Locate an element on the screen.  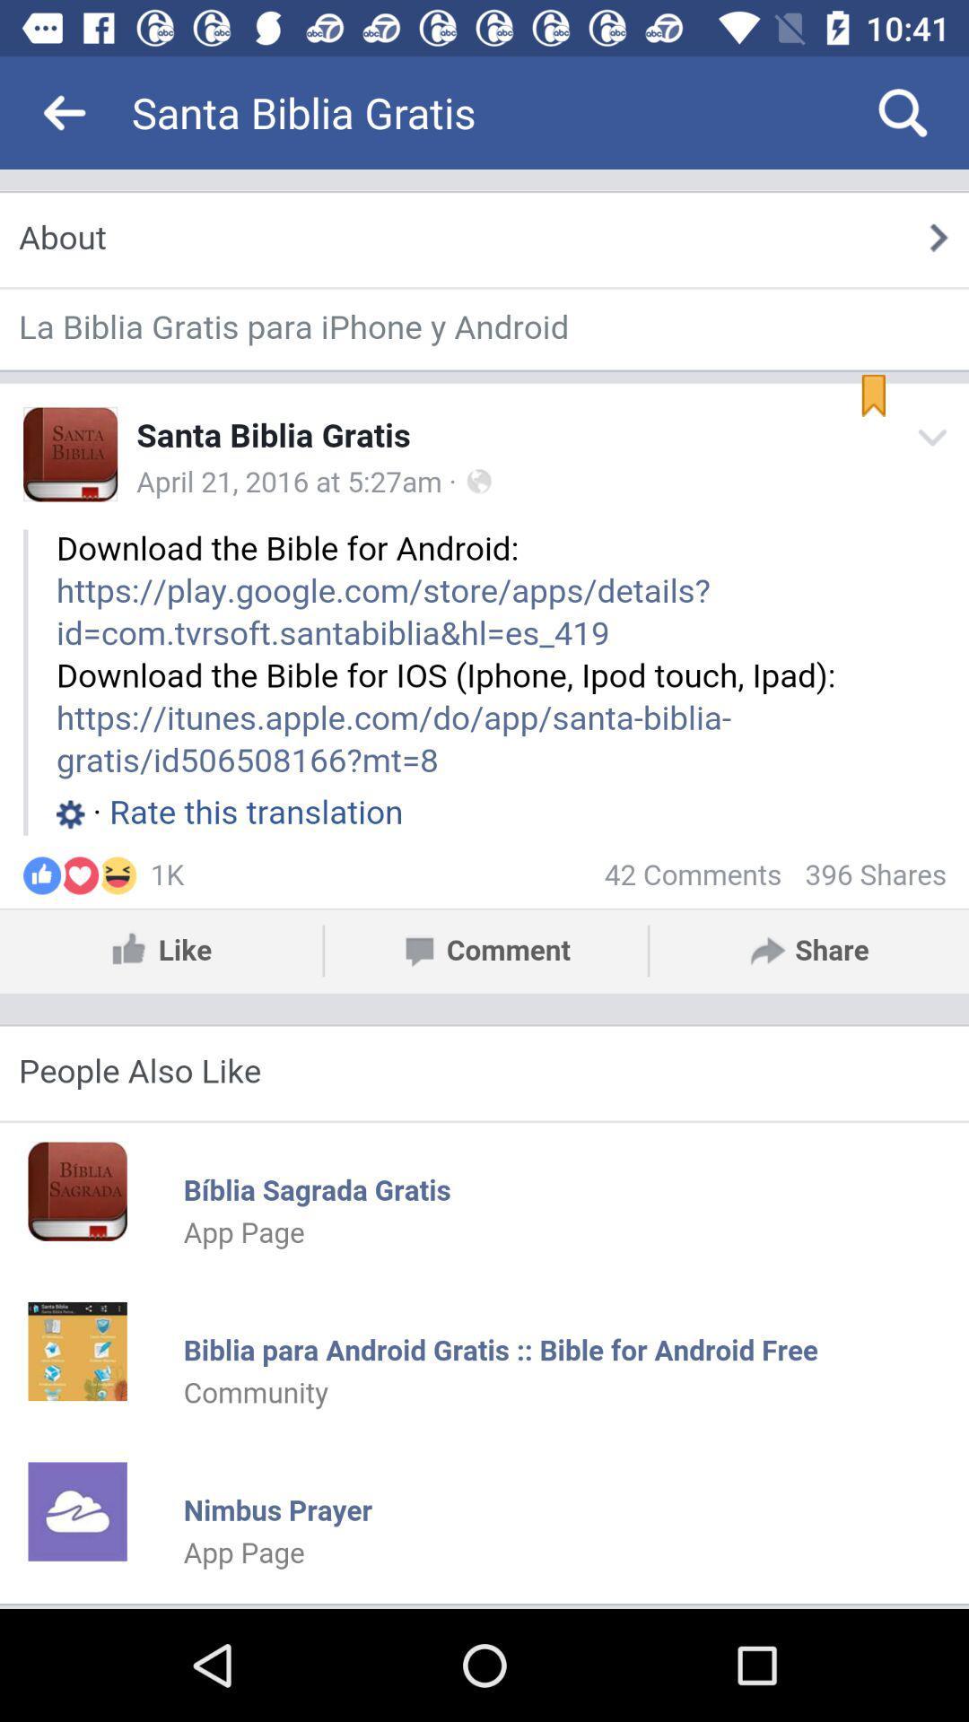
the icon next to santa biblia gratis icon is located at coordinates (65, 111).